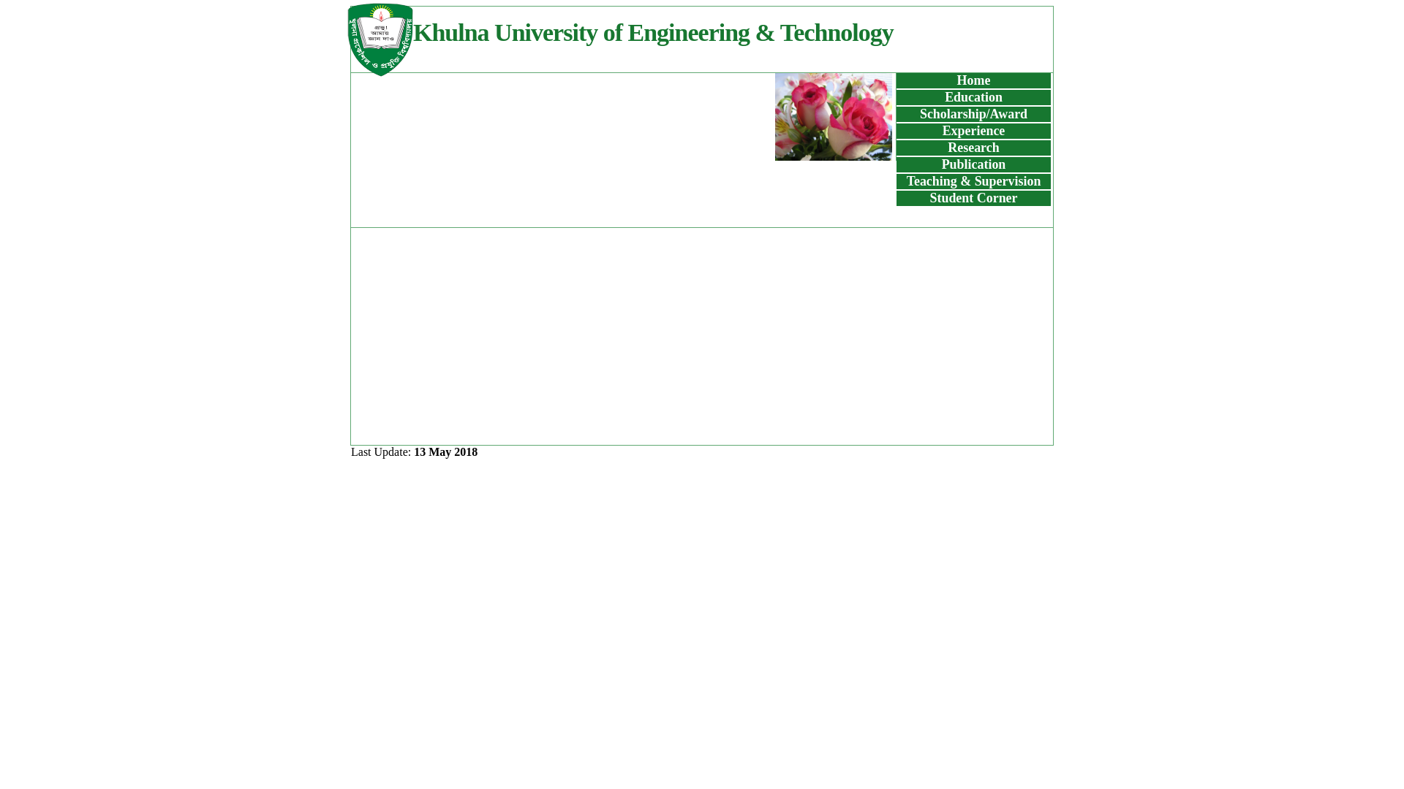  Describe the element at coordinates (973, 80) in the screenshot. I see `'Home'` at that location.